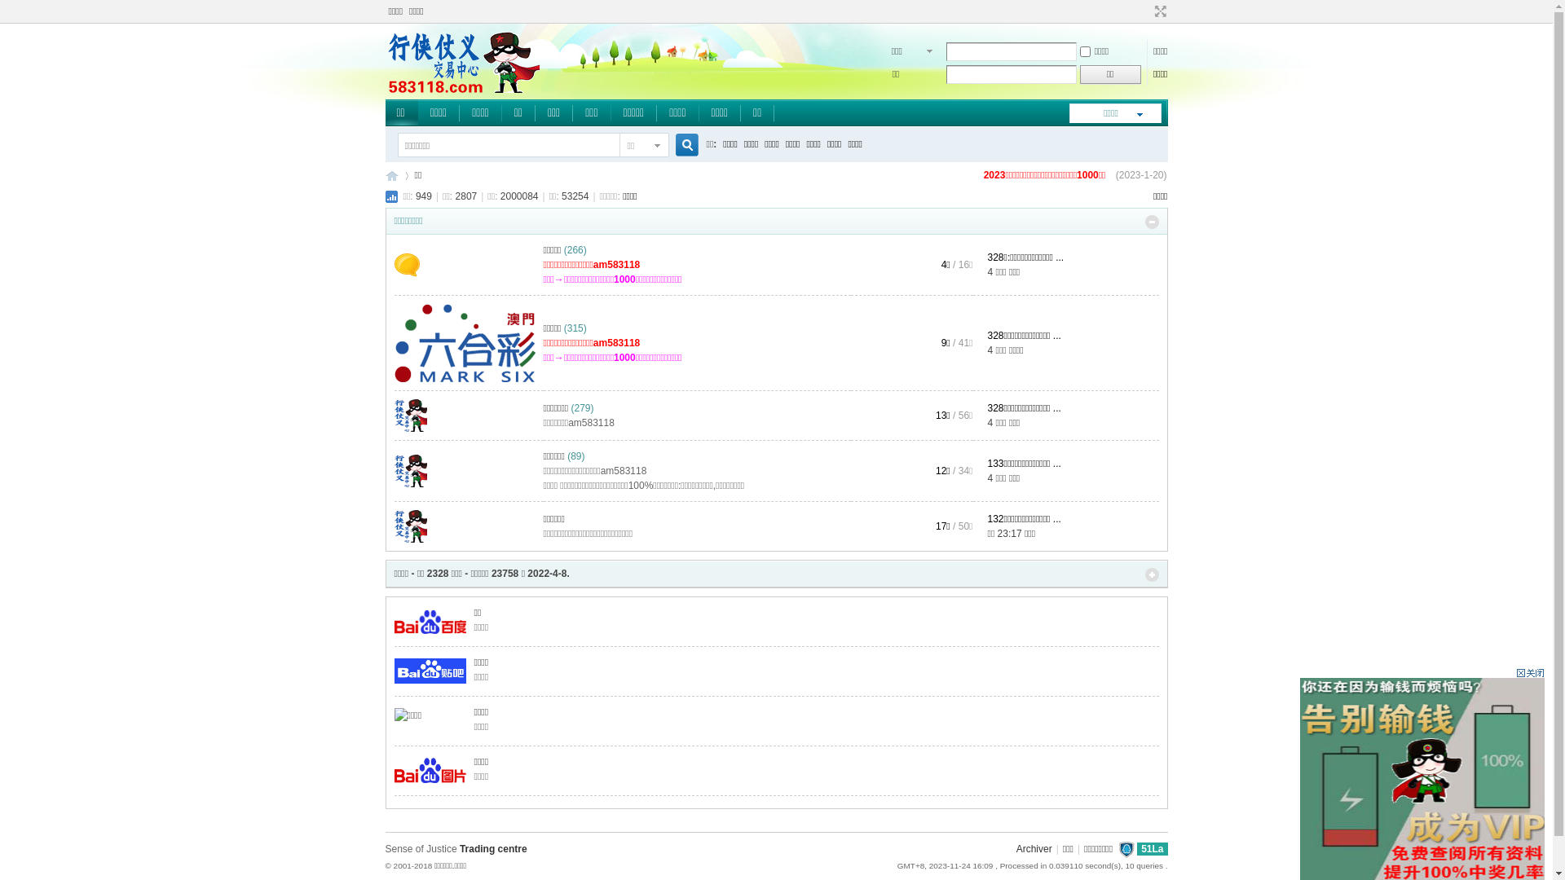 This screenshot has width=1565, height=880. What do you see at coordinates (668, 144) in the screenshot?
I see `'true'` at bounding box center [668, 144].